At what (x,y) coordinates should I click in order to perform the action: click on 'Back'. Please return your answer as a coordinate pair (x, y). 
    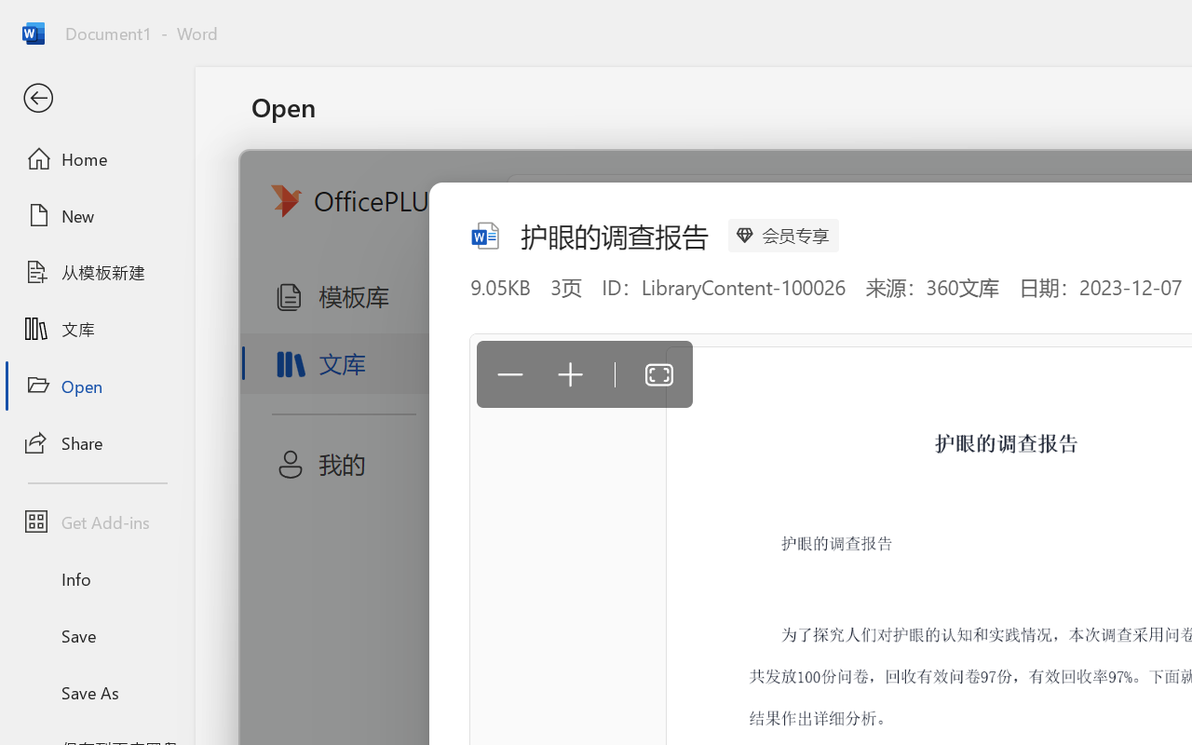
    Looking at the image, I should click on (96, 98).